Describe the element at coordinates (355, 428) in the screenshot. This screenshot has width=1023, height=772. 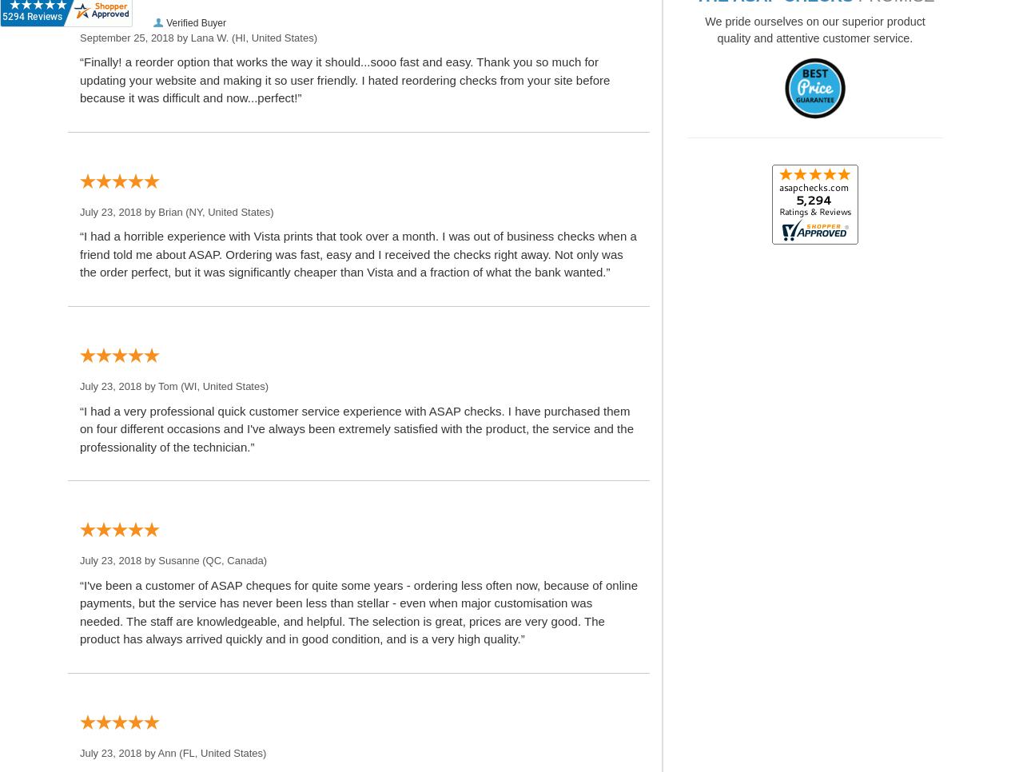
I see `'“I had a very professional quick customer service experience with ASAP checks. I have purchased them on four different occasions and I've always been extremely satisfied with the product, the service and the professionality of the technician.”'` at that location.